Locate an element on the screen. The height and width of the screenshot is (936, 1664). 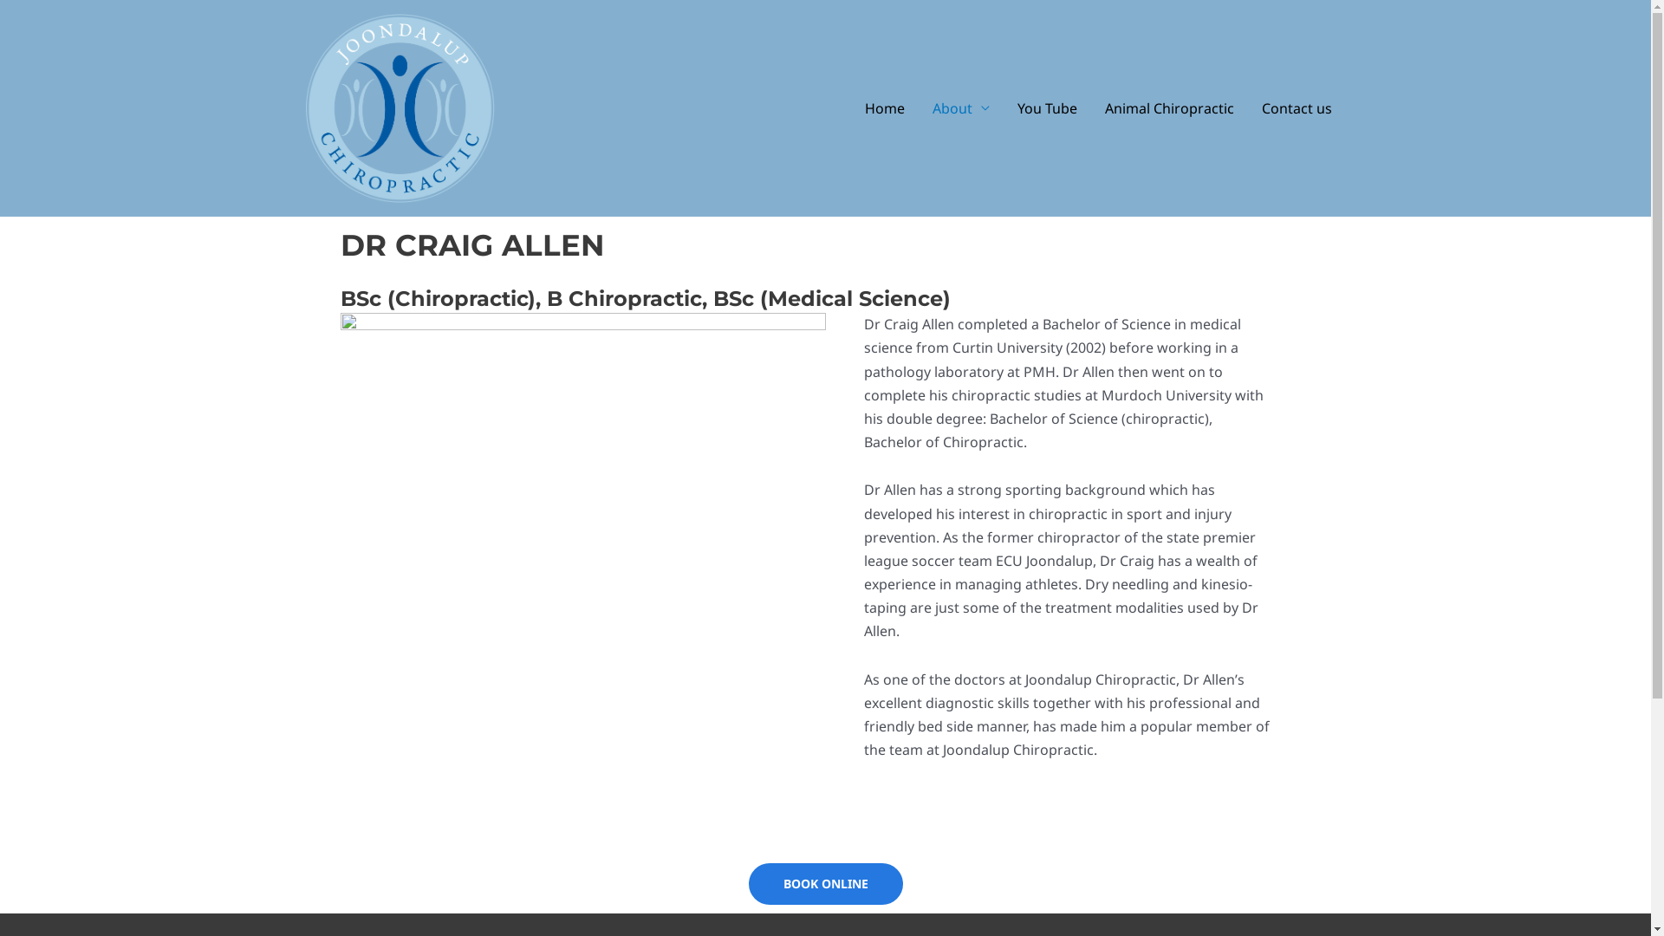
'Animal Chiropractic' is located at coordinates (1168, 107).